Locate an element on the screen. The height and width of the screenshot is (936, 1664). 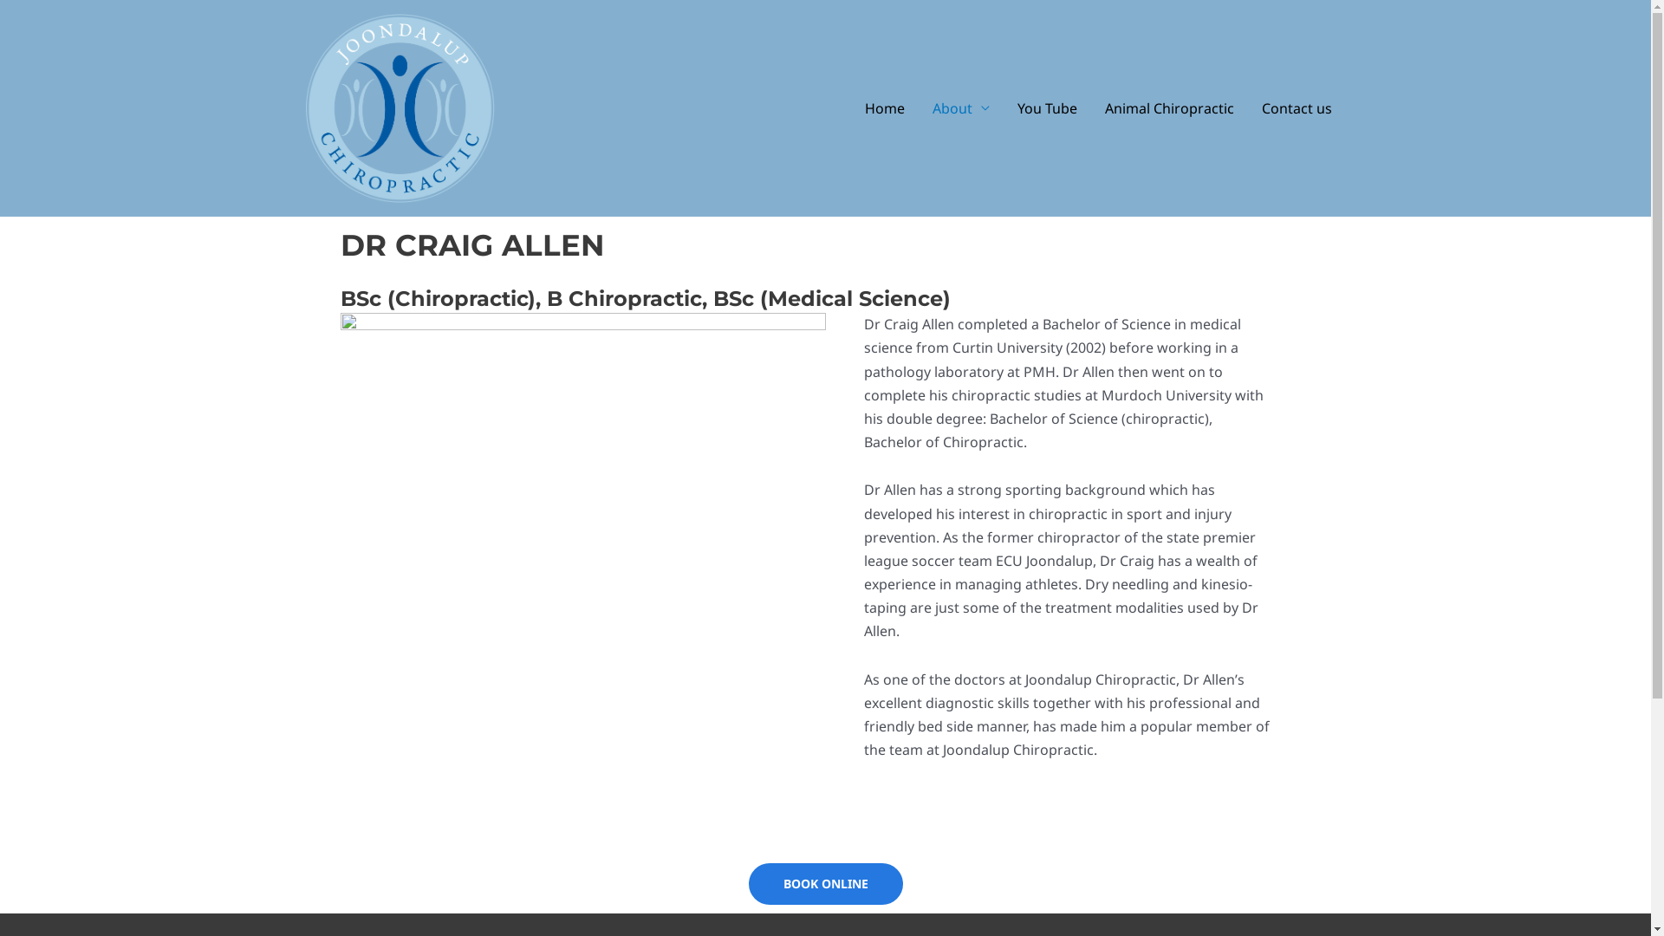
'Animal Chiropractic' is located at coordinates (1168, 107).